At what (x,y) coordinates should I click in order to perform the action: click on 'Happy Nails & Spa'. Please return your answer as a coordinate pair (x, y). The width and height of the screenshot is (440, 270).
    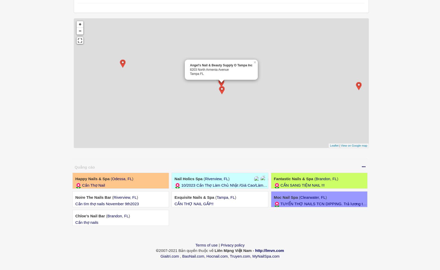
    Looking at the image, I should click on (92, 178).